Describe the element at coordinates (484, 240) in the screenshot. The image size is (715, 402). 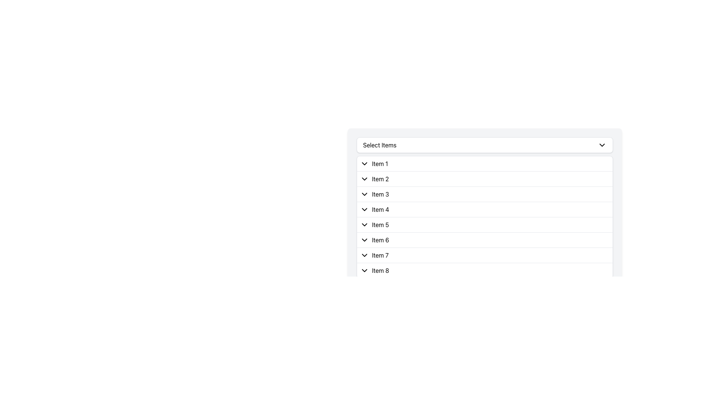
I see `the sixth item` at that location.